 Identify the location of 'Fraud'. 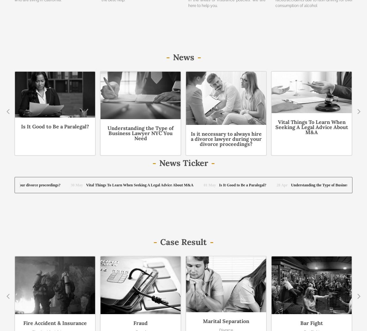
(133, 323).